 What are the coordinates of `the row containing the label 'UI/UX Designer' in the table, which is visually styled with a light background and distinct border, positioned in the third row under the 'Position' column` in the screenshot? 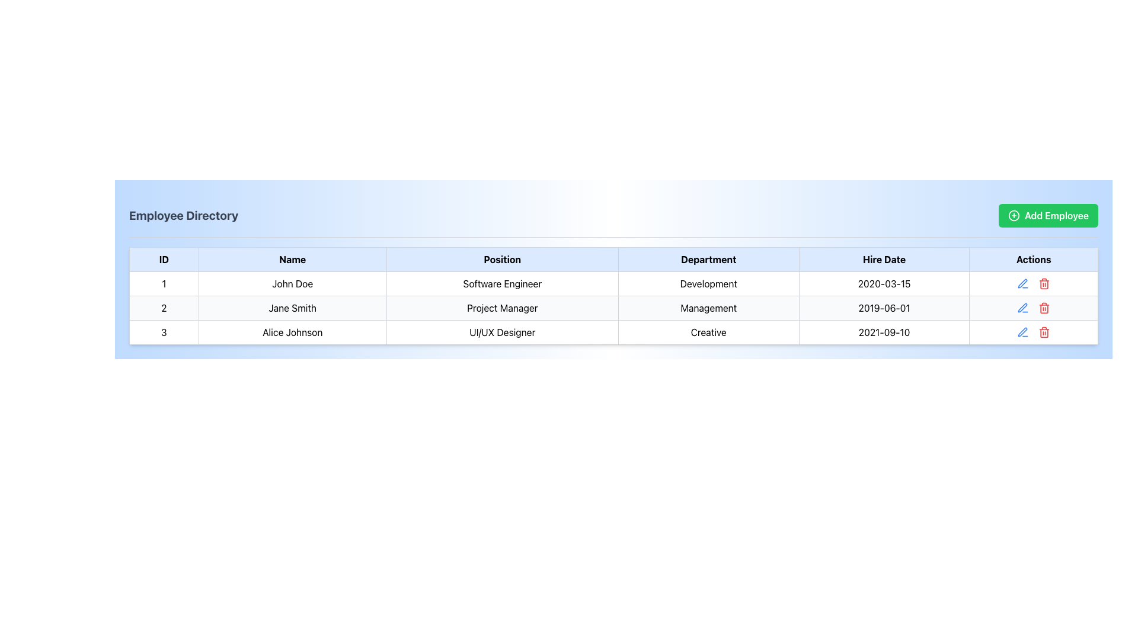 It's located at (502, 332).